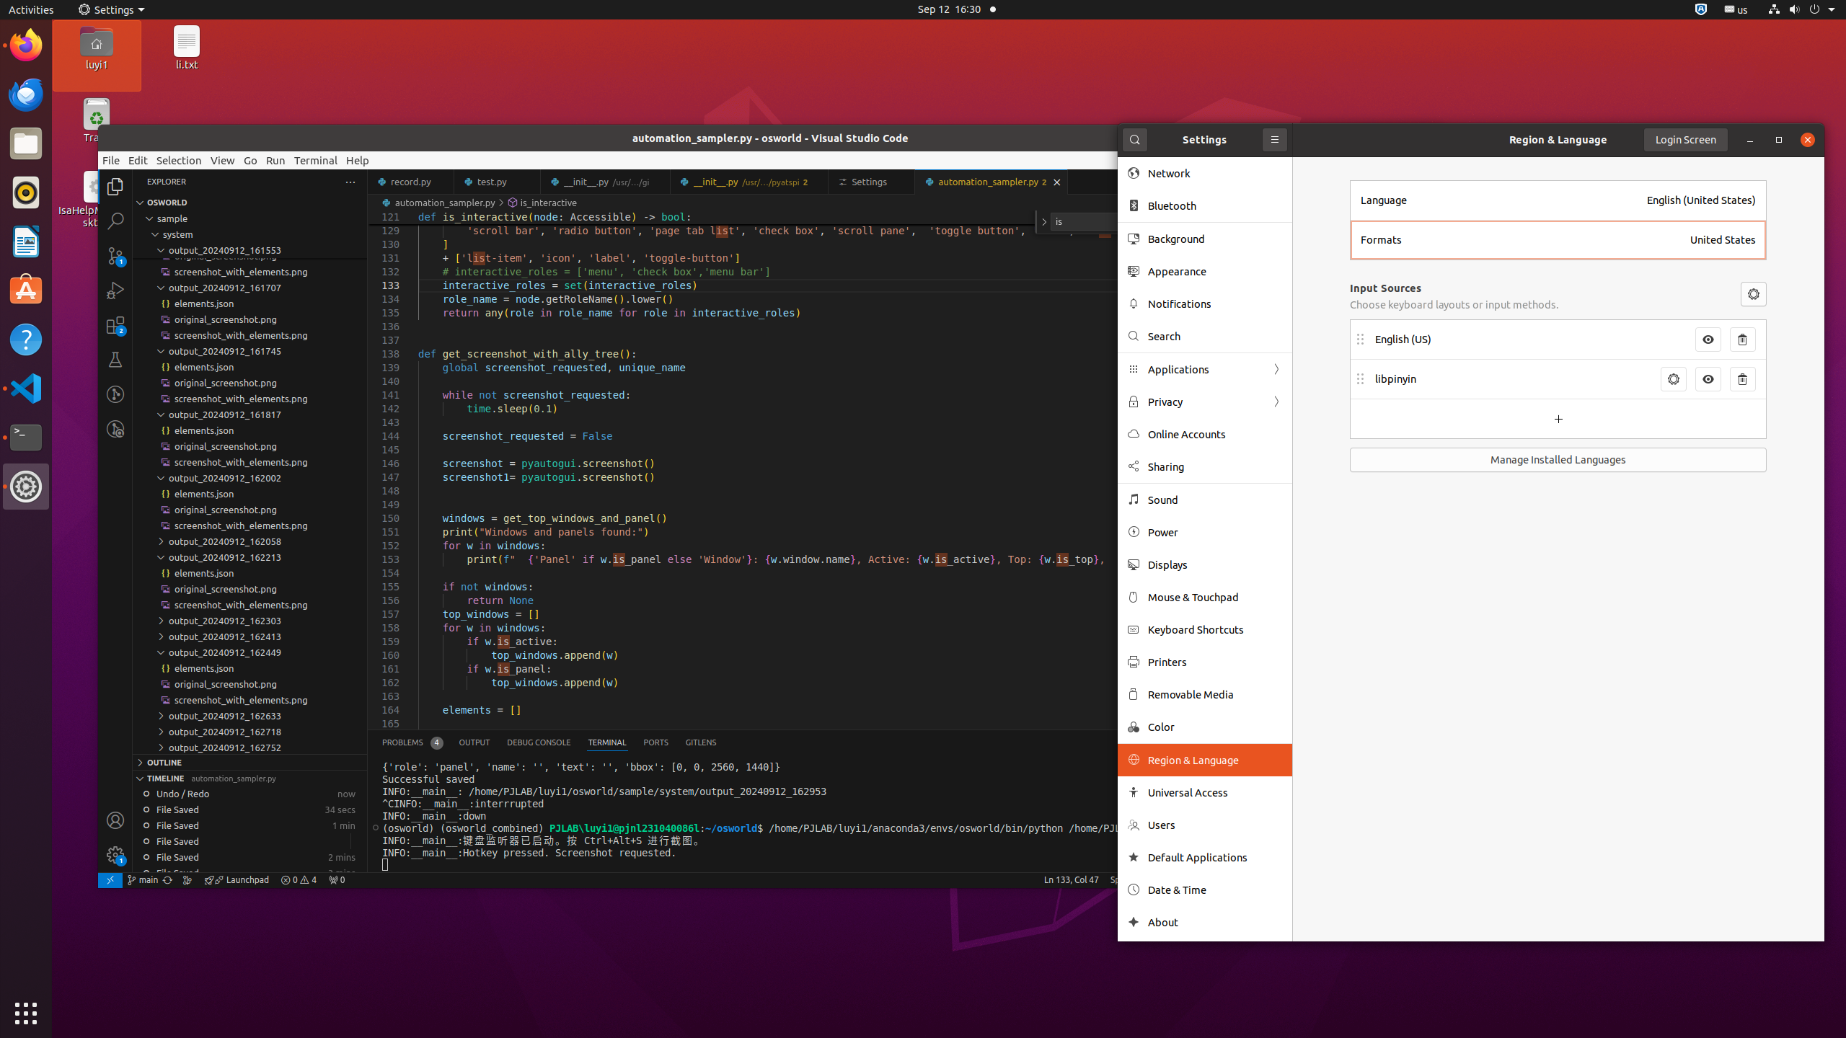 This screenshot has height=1038, width=1846. I want to click on 'Applications', so click(1204, 369).